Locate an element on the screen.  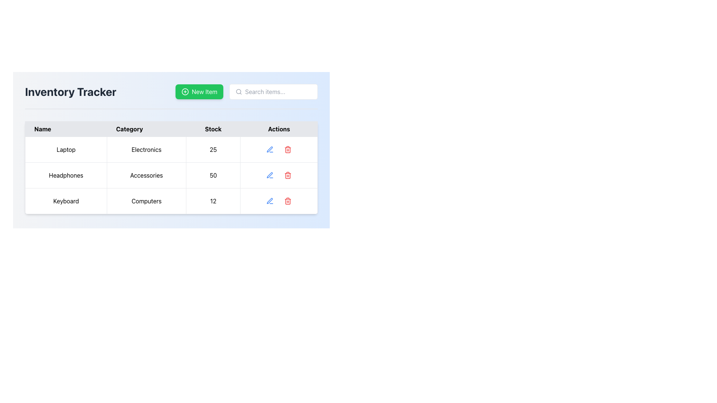
the 'Actions' column header in the table to sort the column, if it is sortable is located at coordinates (279, 129).